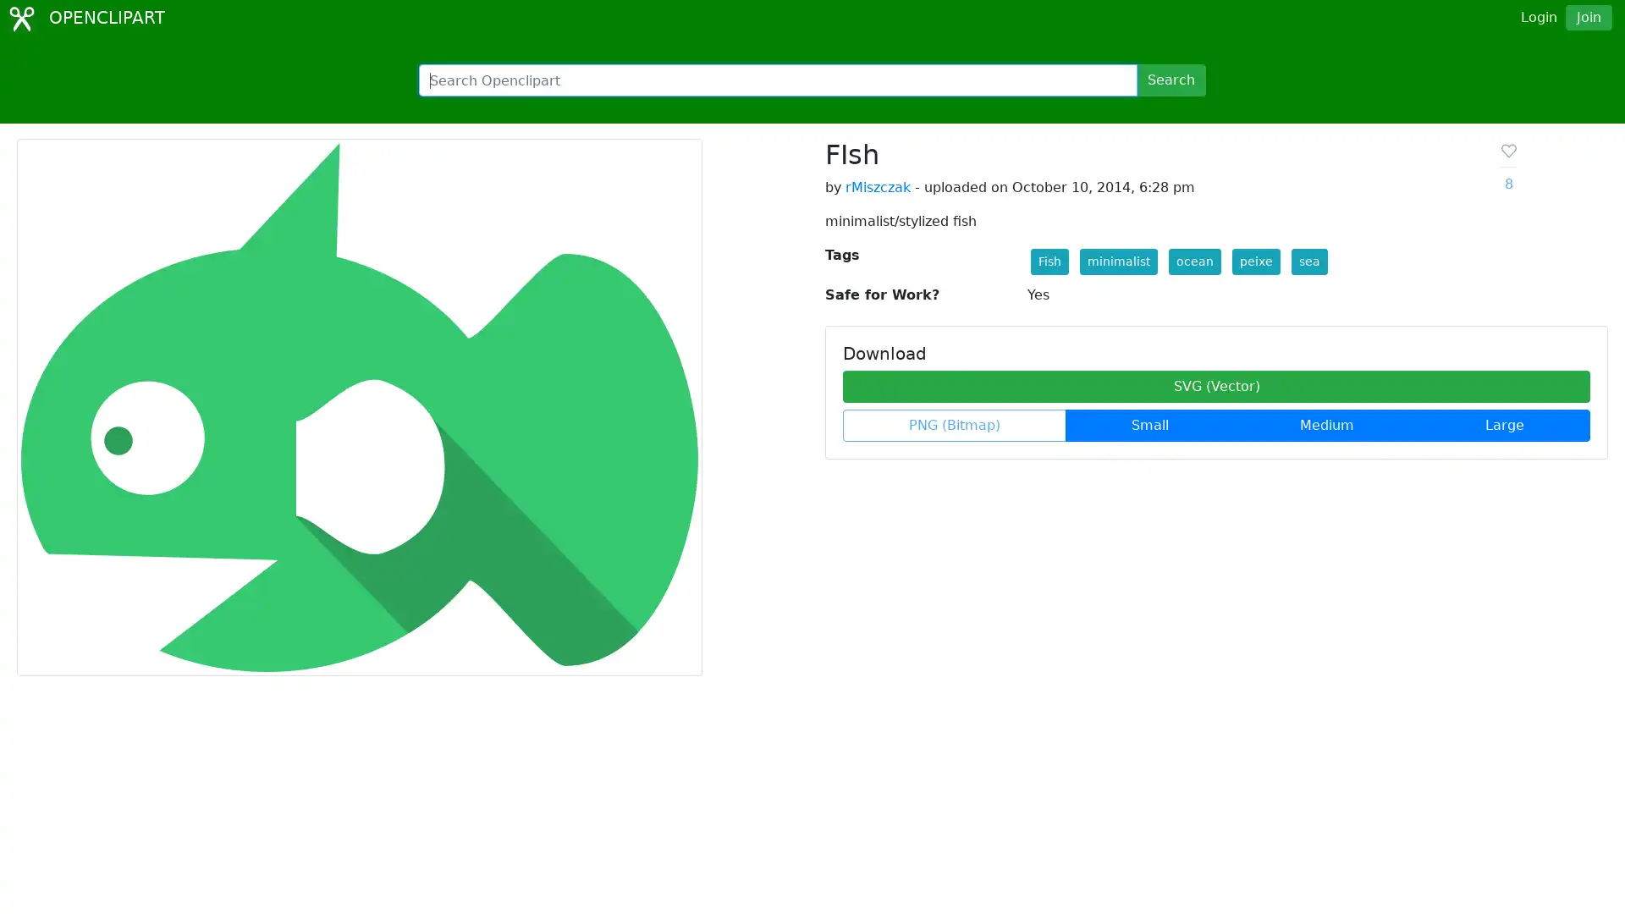 Image resolution: width=1625 pixels, height=914 pixels. What do you see at coordinates (955, 424) in the screenshot?
I see `PNG (Bitmap)` at bounding box center [955, 424].